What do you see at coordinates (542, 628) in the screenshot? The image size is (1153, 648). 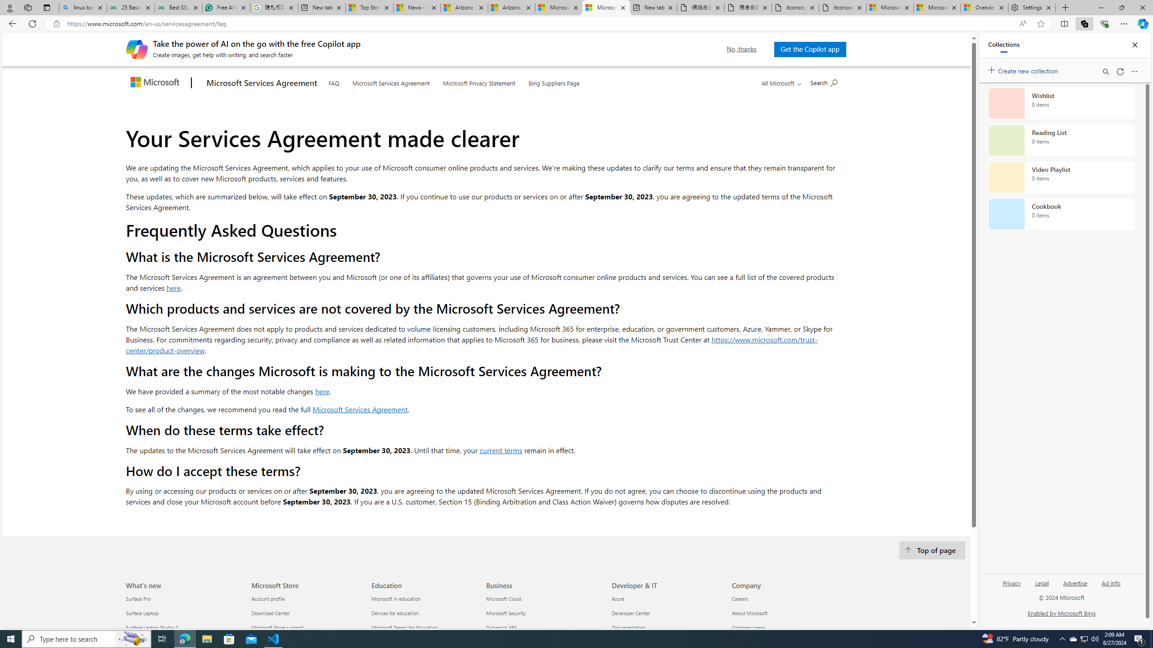 I see `'Dynamics 365'` at bounding box center [542, 628].